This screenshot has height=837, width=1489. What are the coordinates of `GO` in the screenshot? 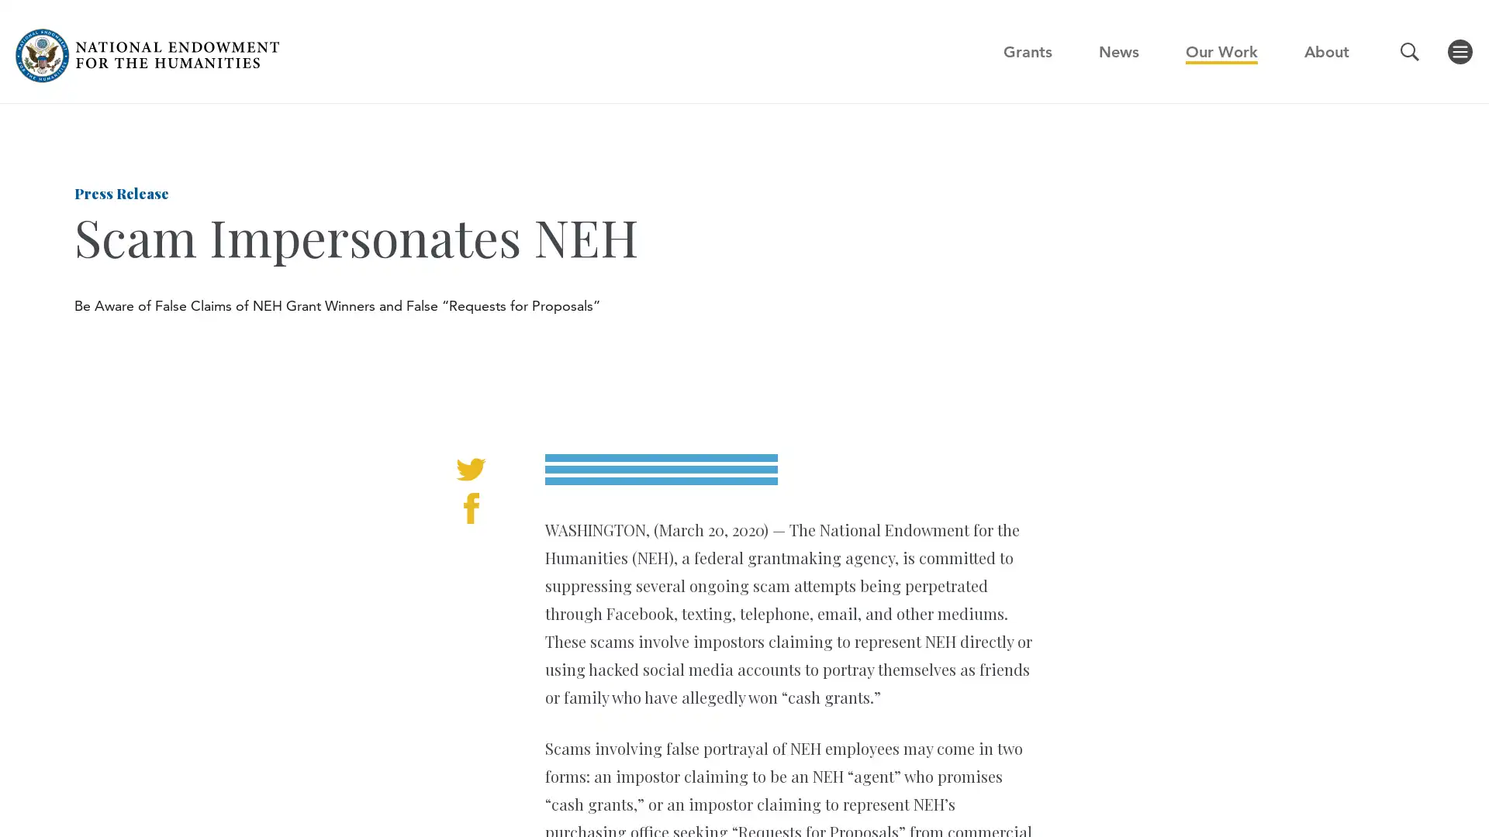 It's located at (1021, 70).